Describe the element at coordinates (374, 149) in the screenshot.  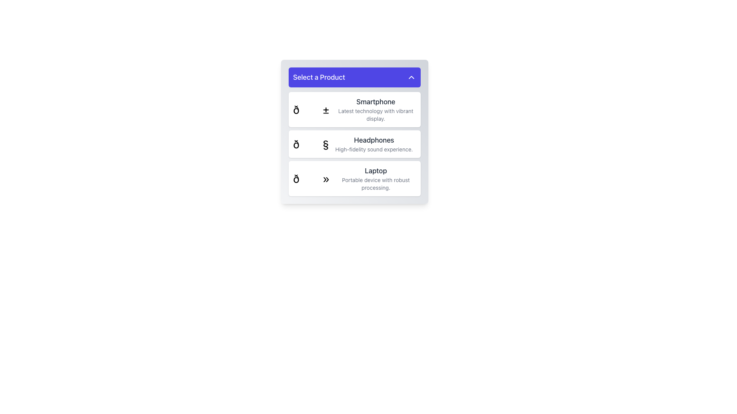
I see `the static text description that reads 'High-fidelity sound experience.' located directly below the title 'Headphones' in the product selection list` at that location.